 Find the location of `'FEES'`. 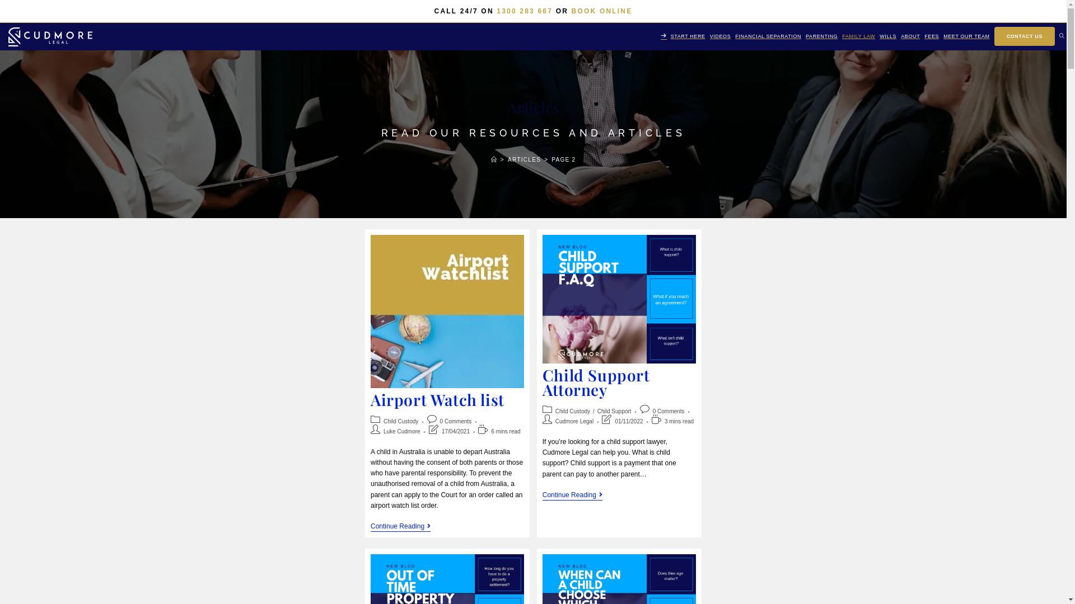

'FEES' is located at coordinates (932, 36).